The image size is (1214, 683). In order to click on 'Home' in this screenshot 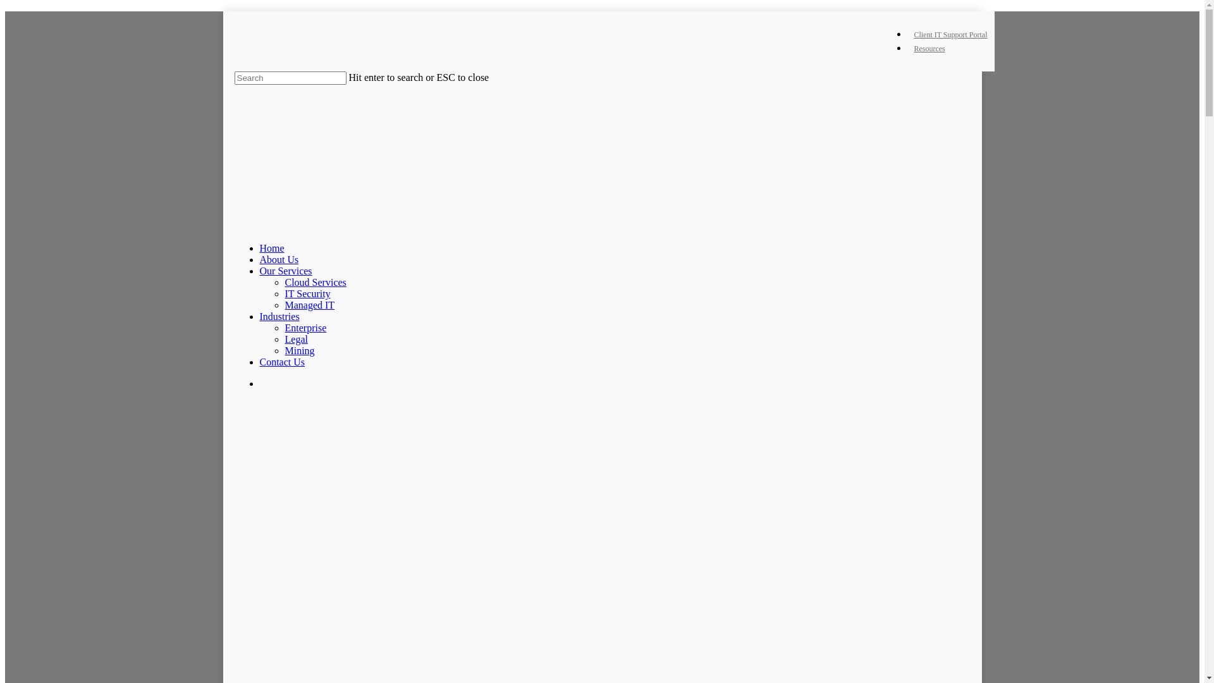, I will do `click(271, 248)`.